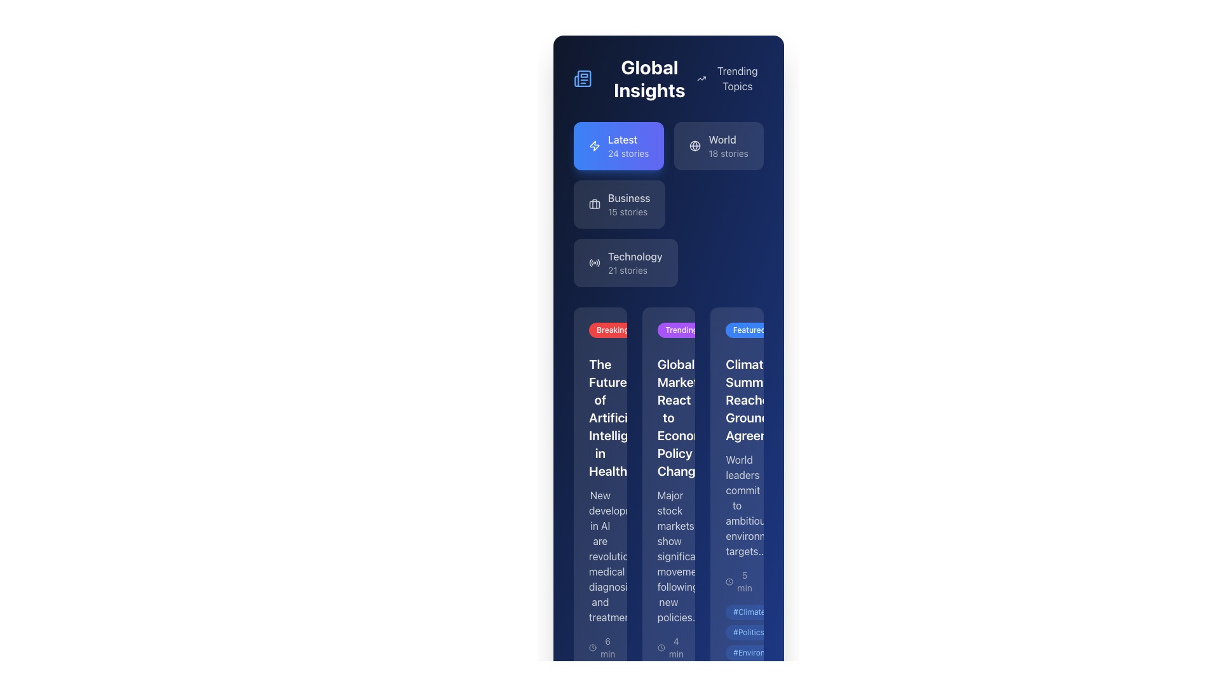 The width and height of the screenshot is (1220, 686). I want to click on the small blue pill-shaped button labeled '#Climate' located at the top of the tag stack, which has a slightly transparent blue background and white text, so click(749, 612).